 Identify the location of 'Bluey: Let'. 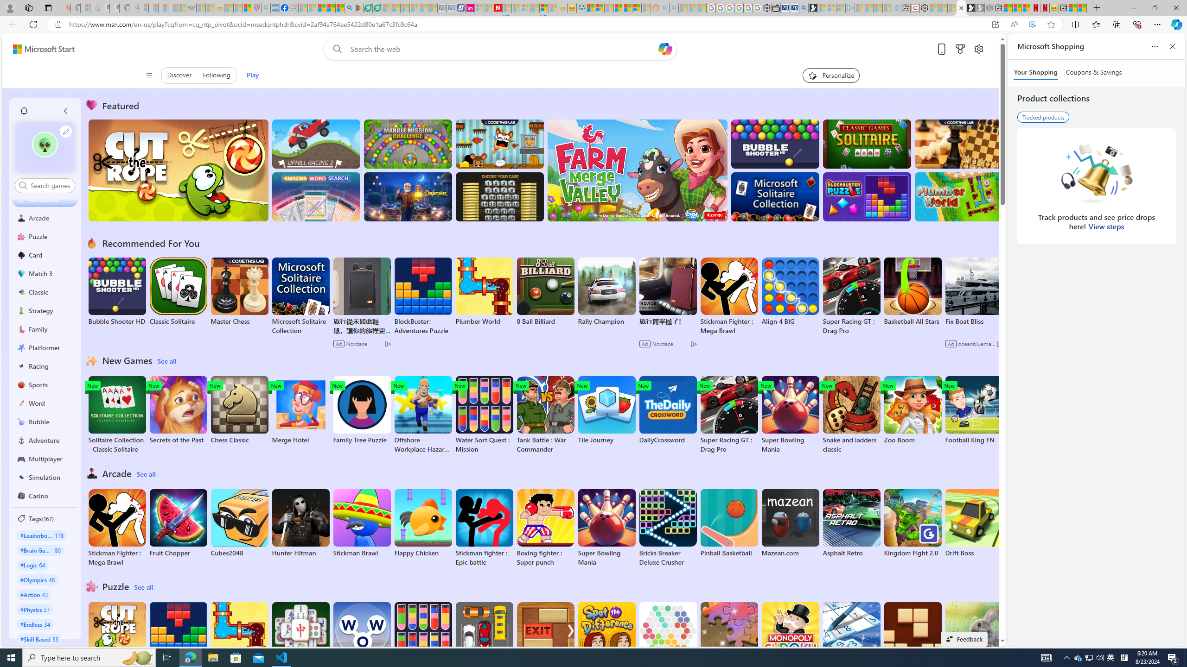
(358, 7).